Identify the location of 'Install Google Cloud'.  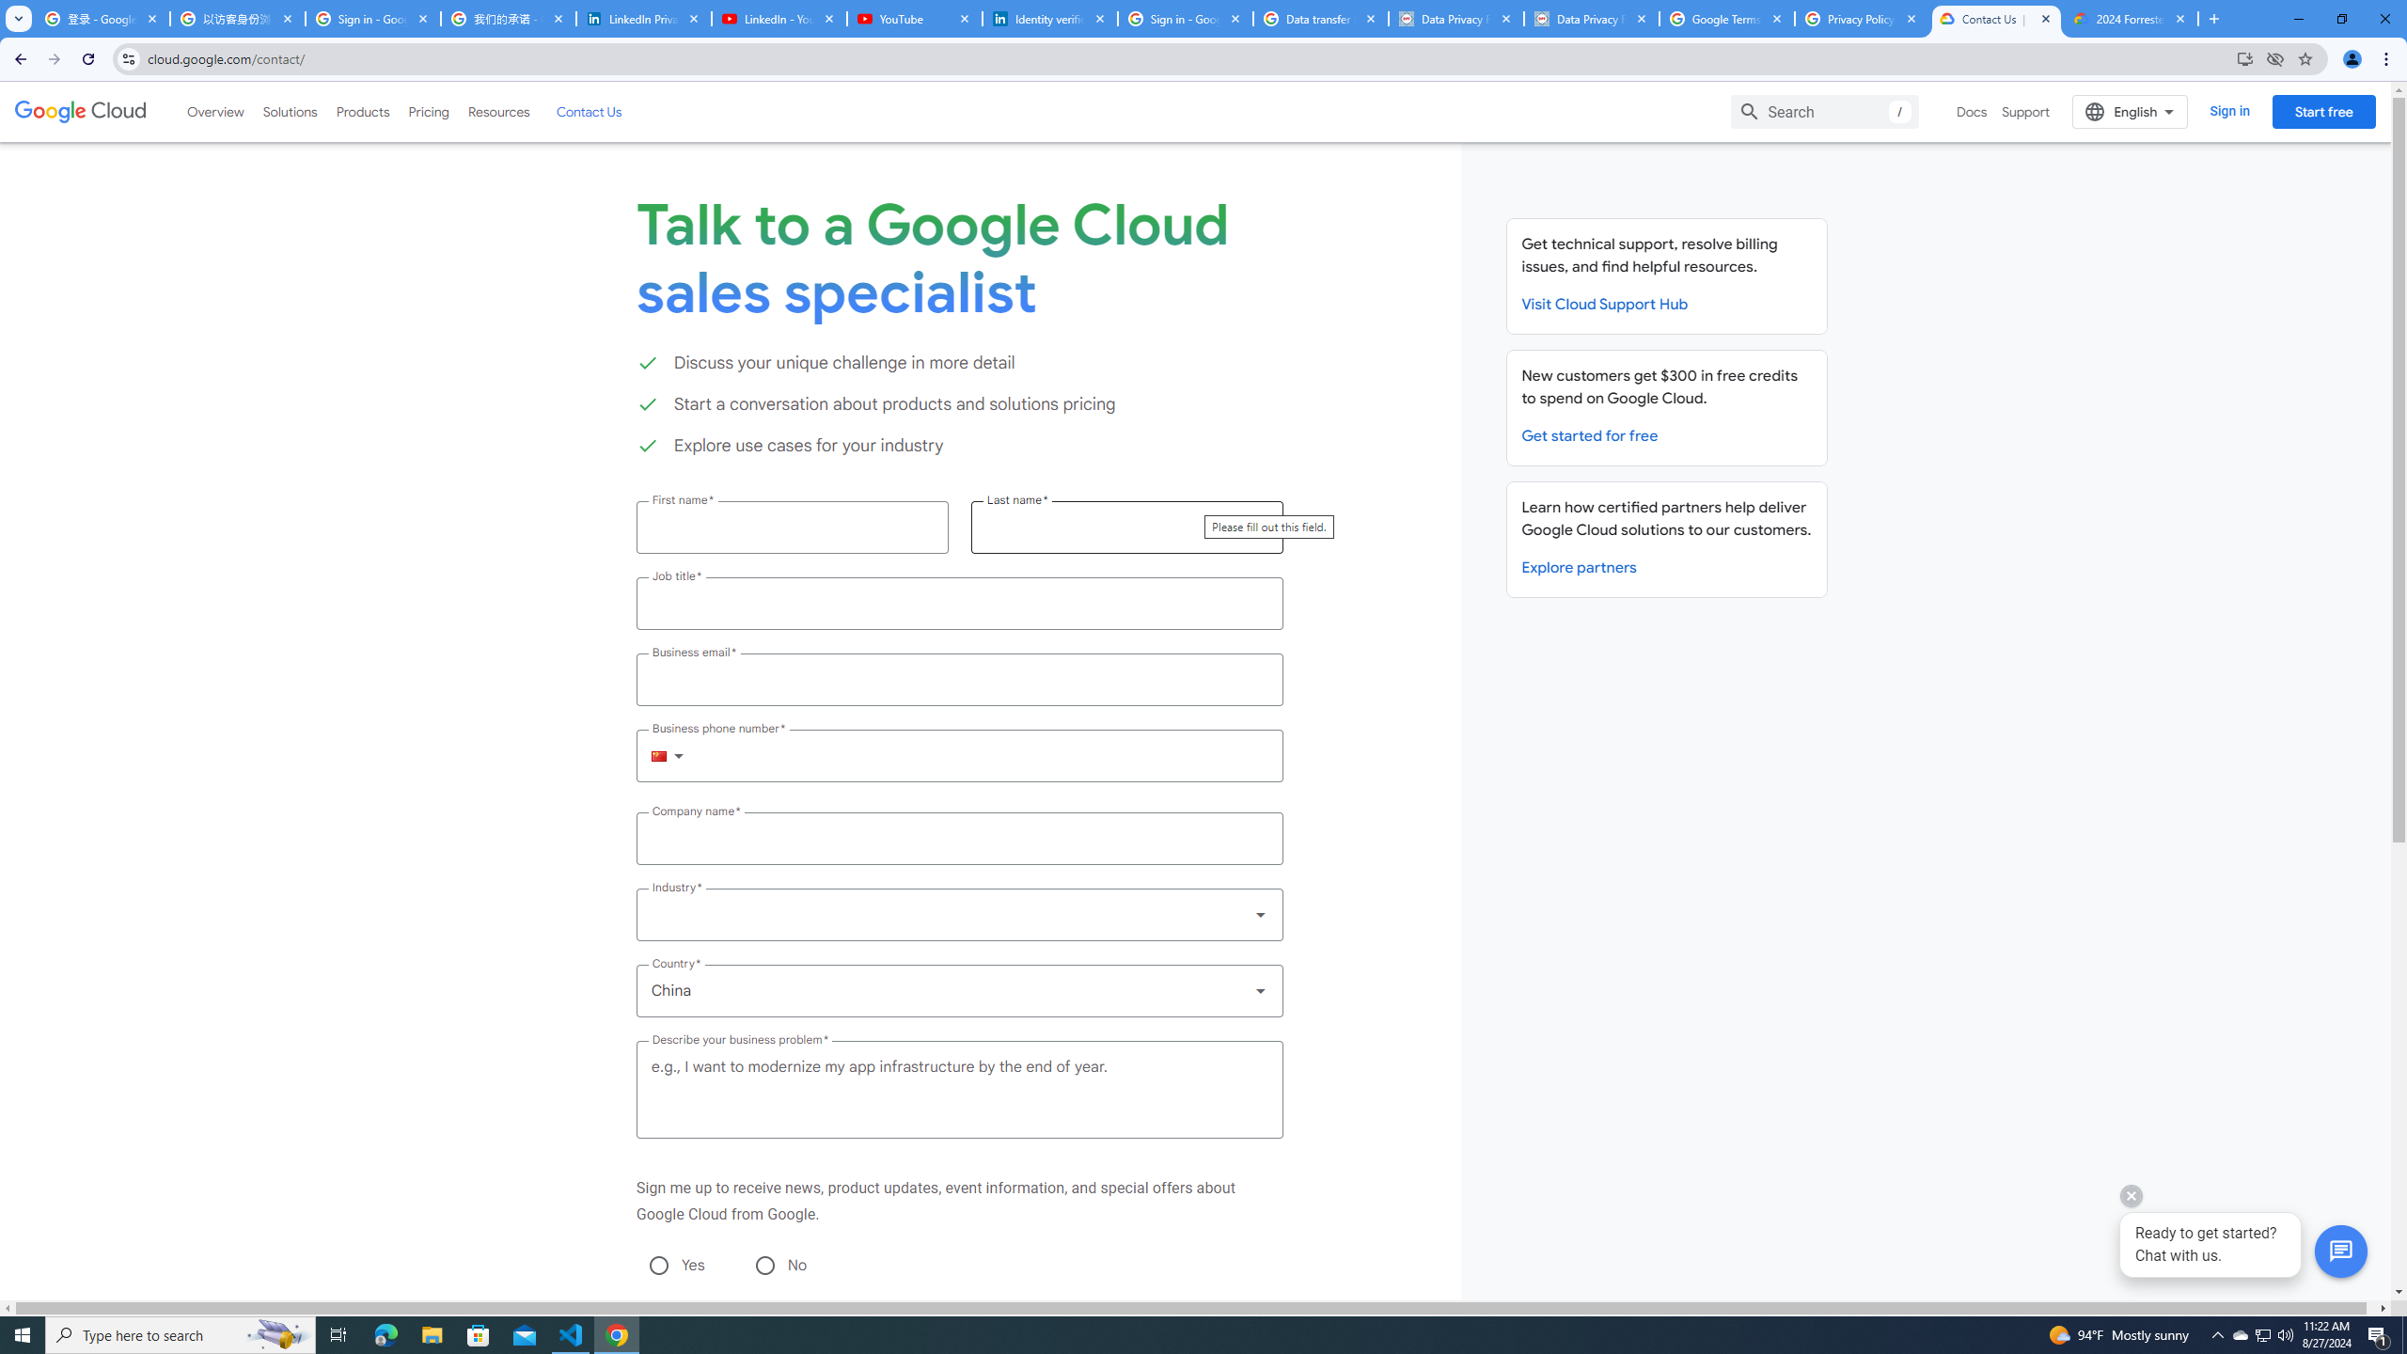
(2245, 57).